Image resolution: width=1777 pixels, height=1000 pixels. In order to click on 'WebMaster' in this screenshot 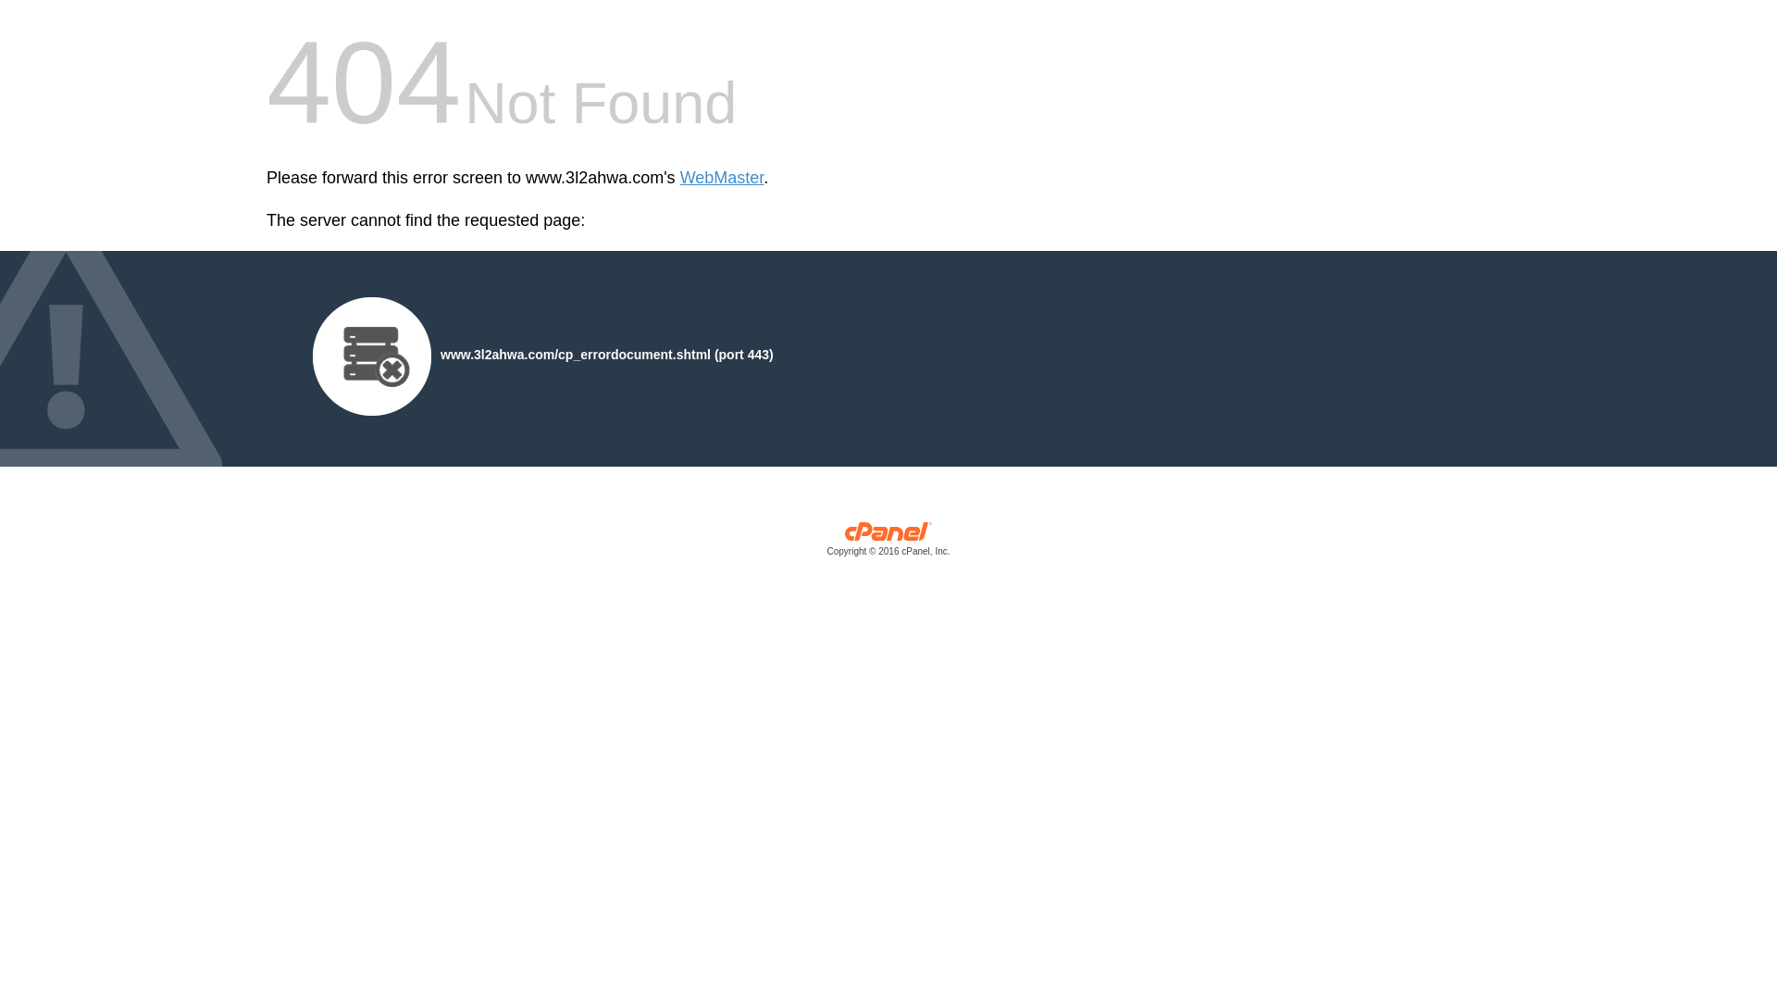, I will do `click(678, 178)`.